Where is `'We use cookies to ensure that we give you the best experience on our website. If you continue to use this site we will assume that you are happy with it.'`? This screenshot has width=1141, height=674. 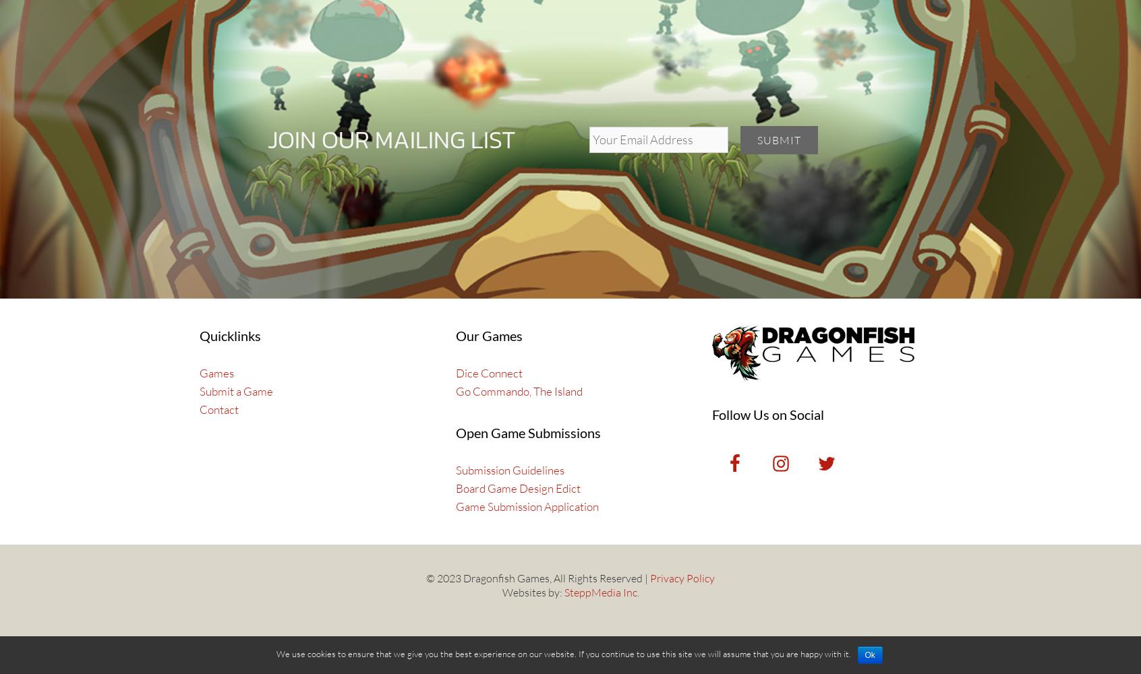
'We use cookies to ensure that we give you the best experience on our website. If you continue to use this site we will assume that you are happy with it.' is located at coordinates (275, 653).